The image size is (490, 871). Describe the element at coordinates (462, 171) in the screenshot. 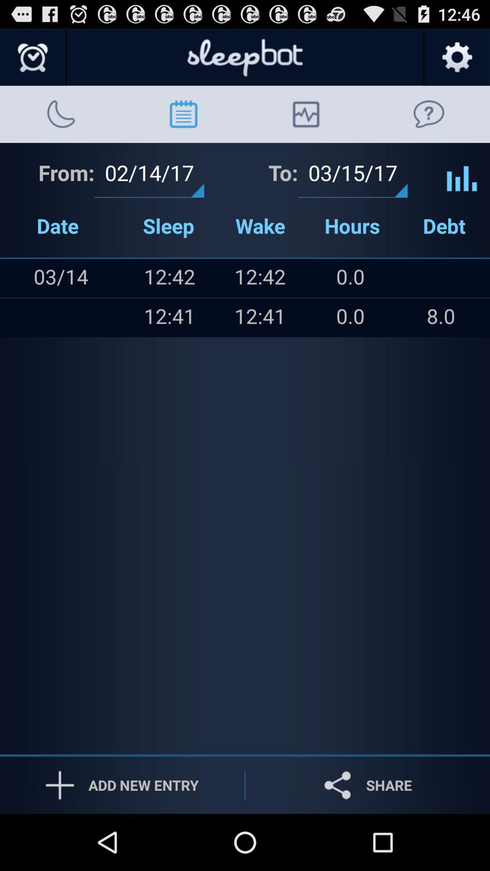

I see `click on icon` at that location.